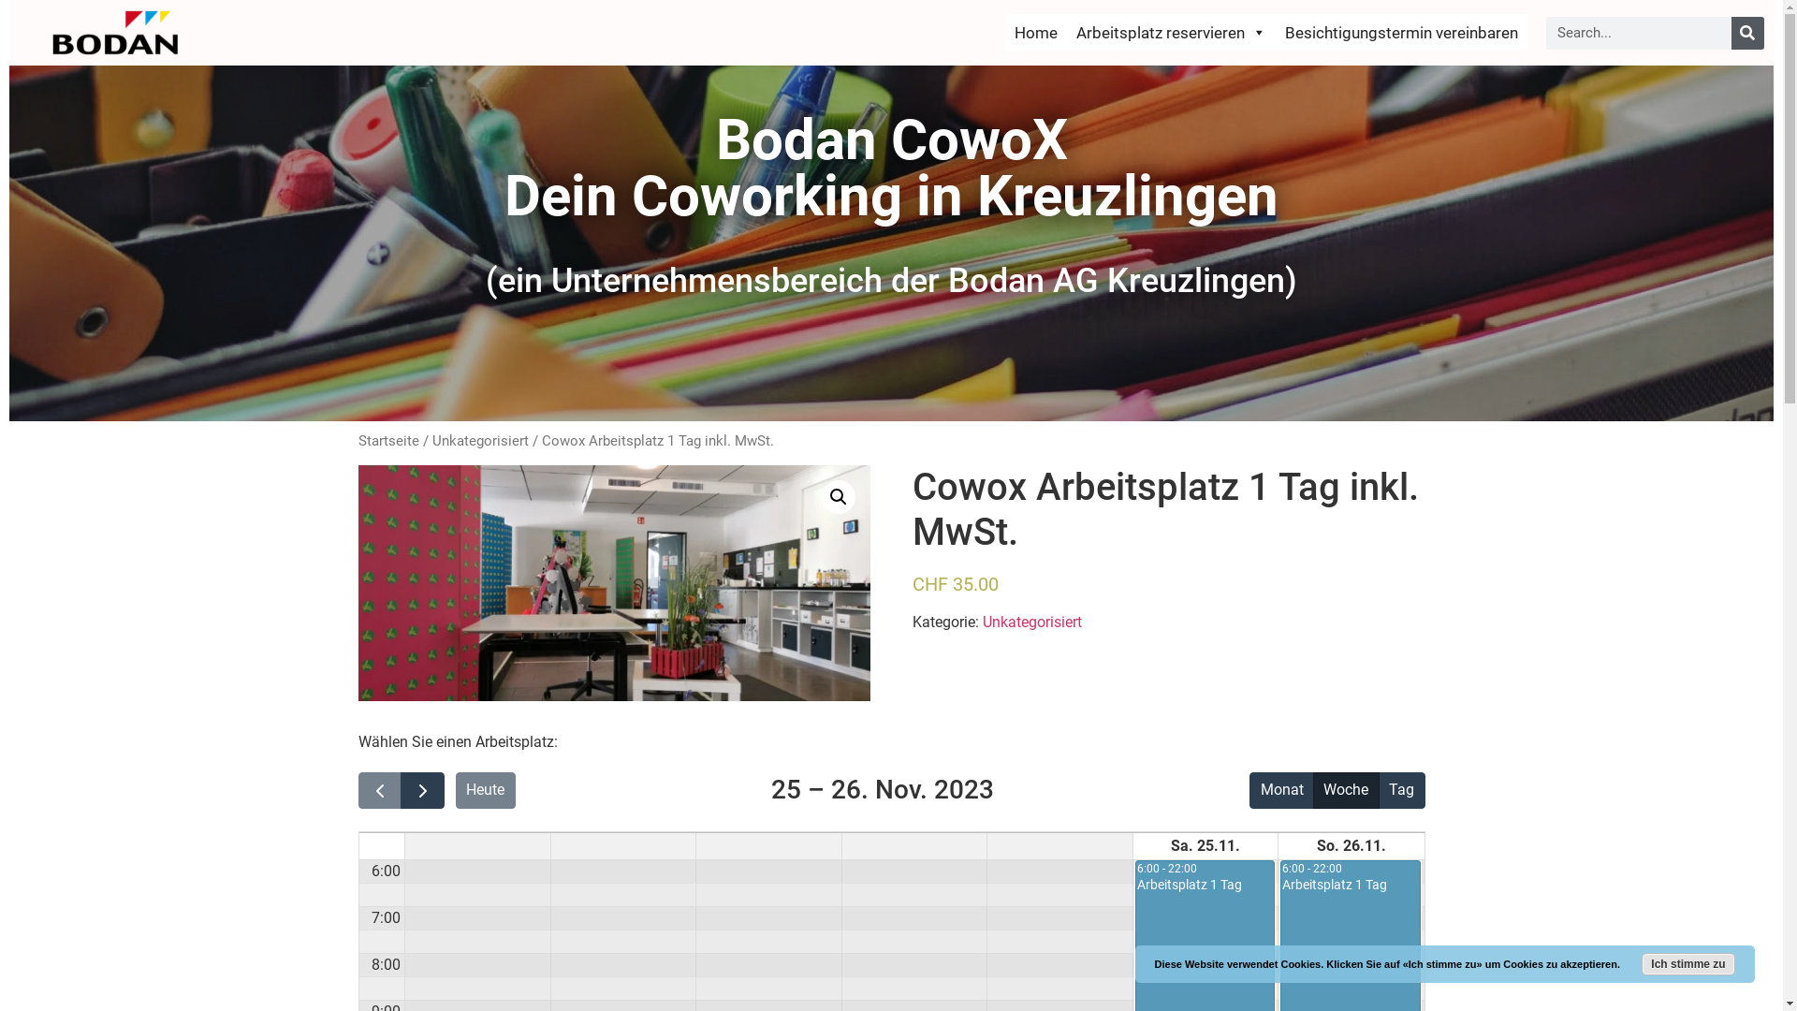 This screenshot has width=1797, height=1011. What do you see at coordinates (431, 440) in the screenshot?
I see `'Unkategorisiert'` at bounding box center [431, 440].